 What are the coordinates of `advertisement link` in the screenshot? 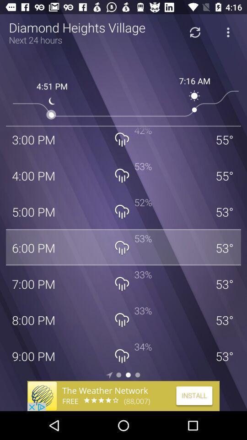 It's located at (123, 396).